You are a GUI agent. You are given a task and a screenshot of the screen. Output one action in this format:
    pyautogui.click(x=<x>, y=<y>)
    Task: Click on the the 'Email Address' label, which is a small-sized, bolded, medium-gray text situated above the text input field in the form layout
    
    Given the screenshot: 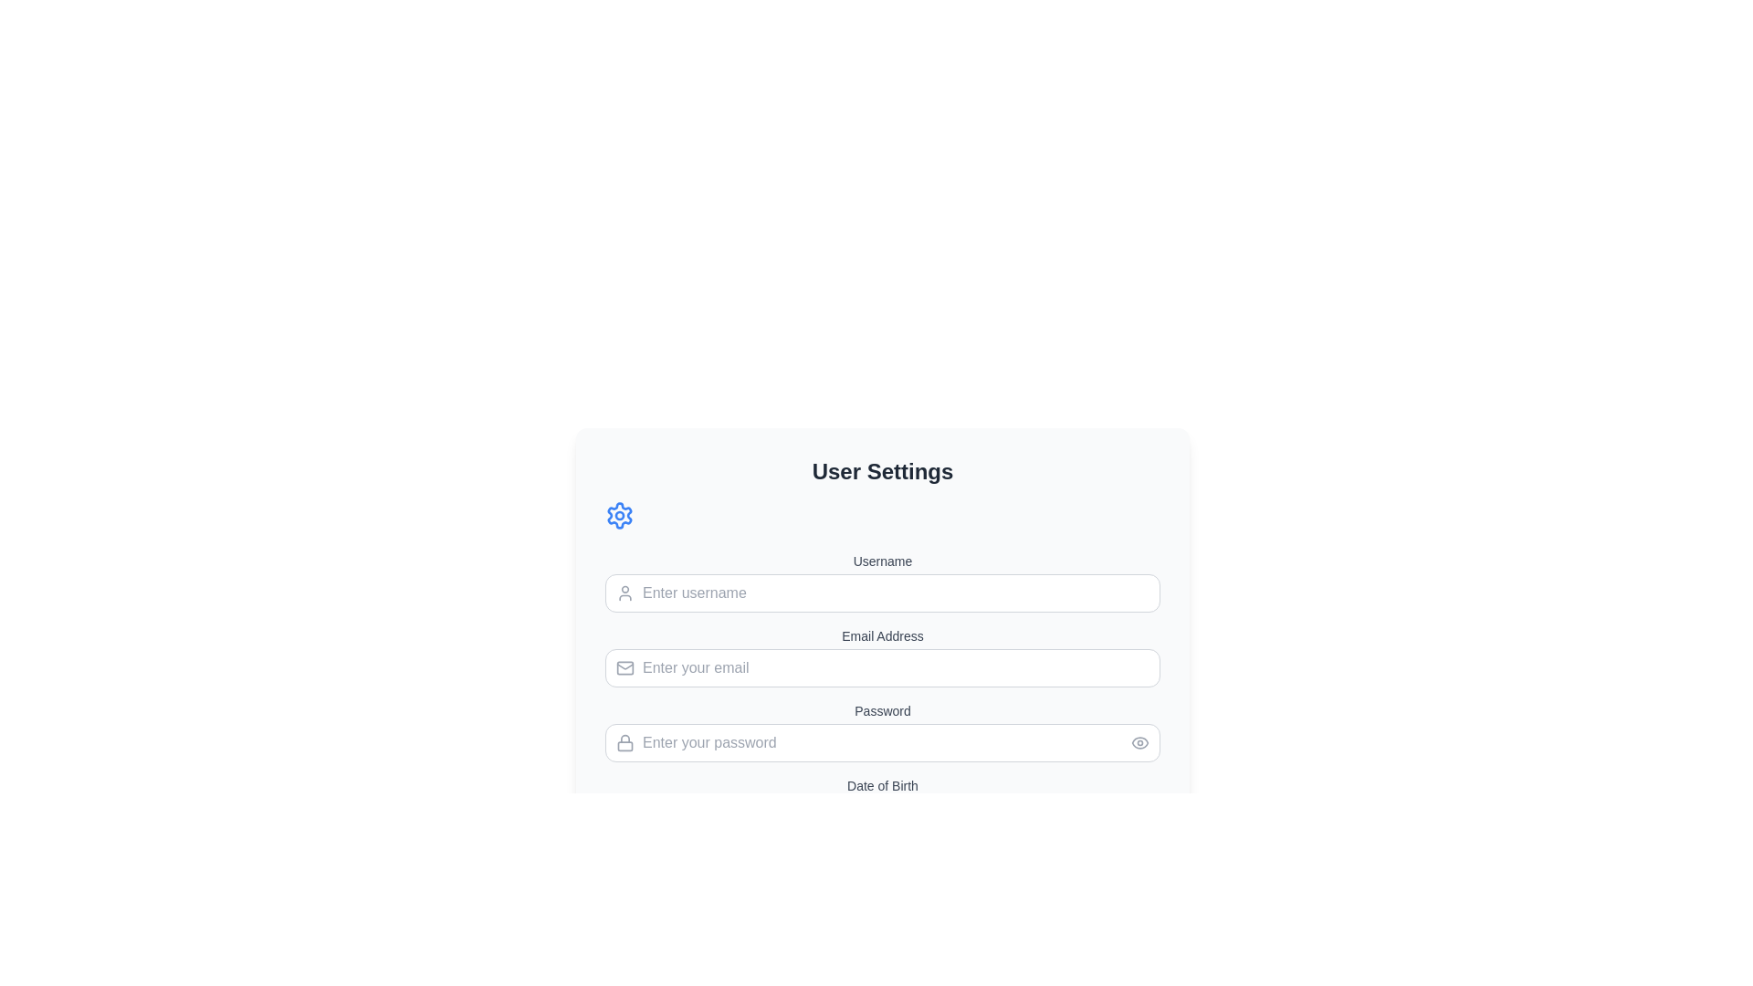 What is the action you would take?
    pyautogui.click(x=882, y=635)
    